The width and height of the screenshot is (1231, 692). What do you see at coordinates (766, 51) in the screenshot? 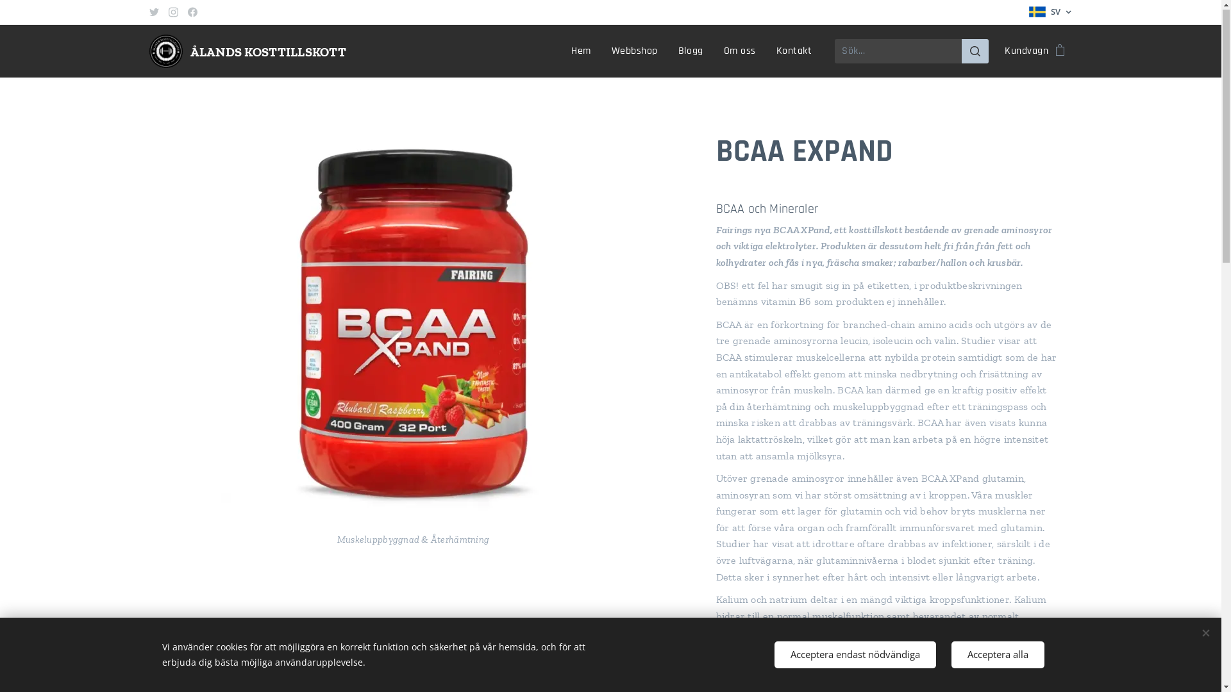
I see `'Kontakt'` at bounding box center [766, 51].